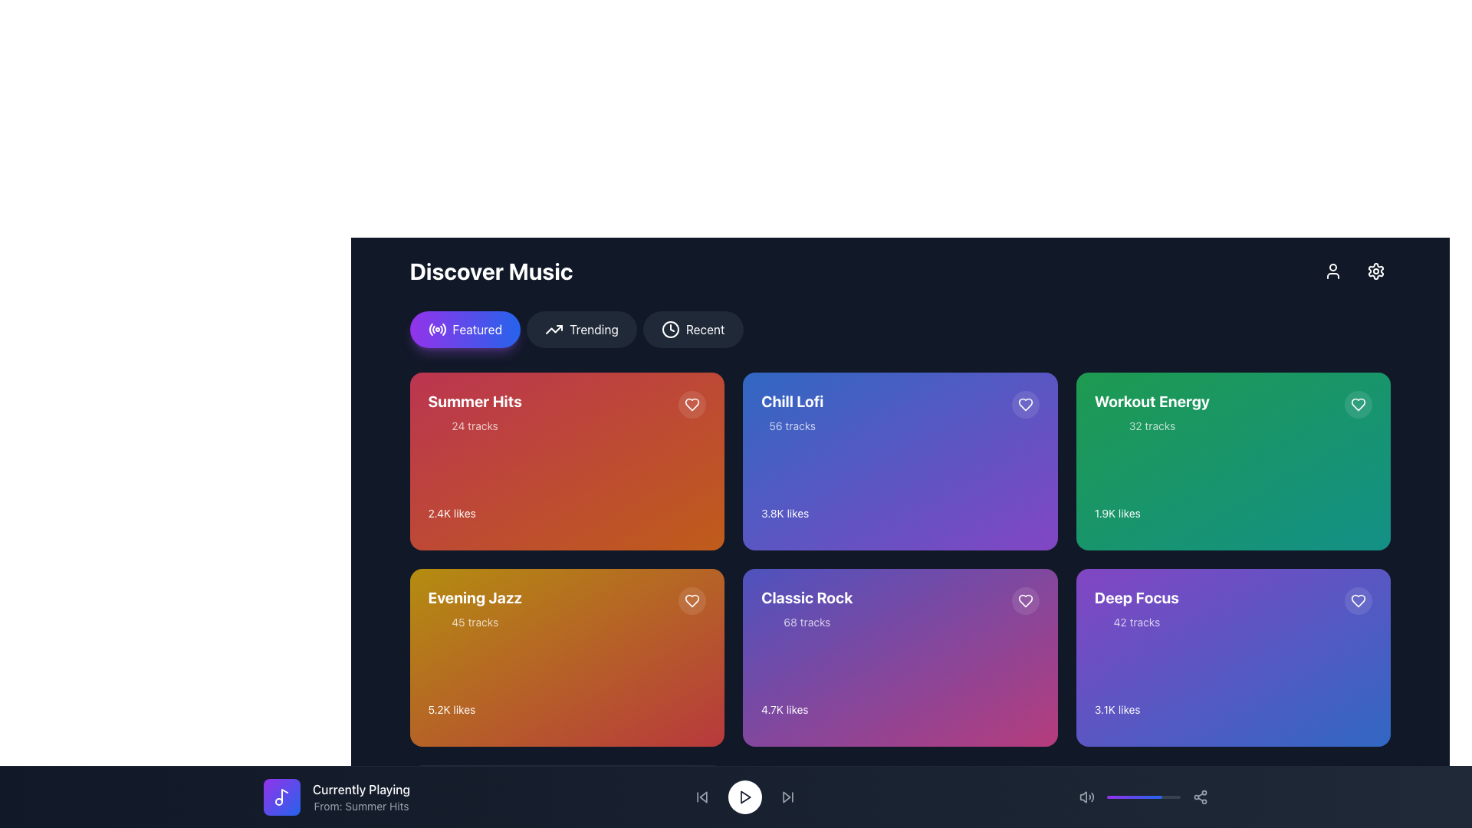 Image resolution: width=1472 pixels, height=828 pixels. I want to click on the button located in the upper-right corner of the interface, so click(1332, 271).